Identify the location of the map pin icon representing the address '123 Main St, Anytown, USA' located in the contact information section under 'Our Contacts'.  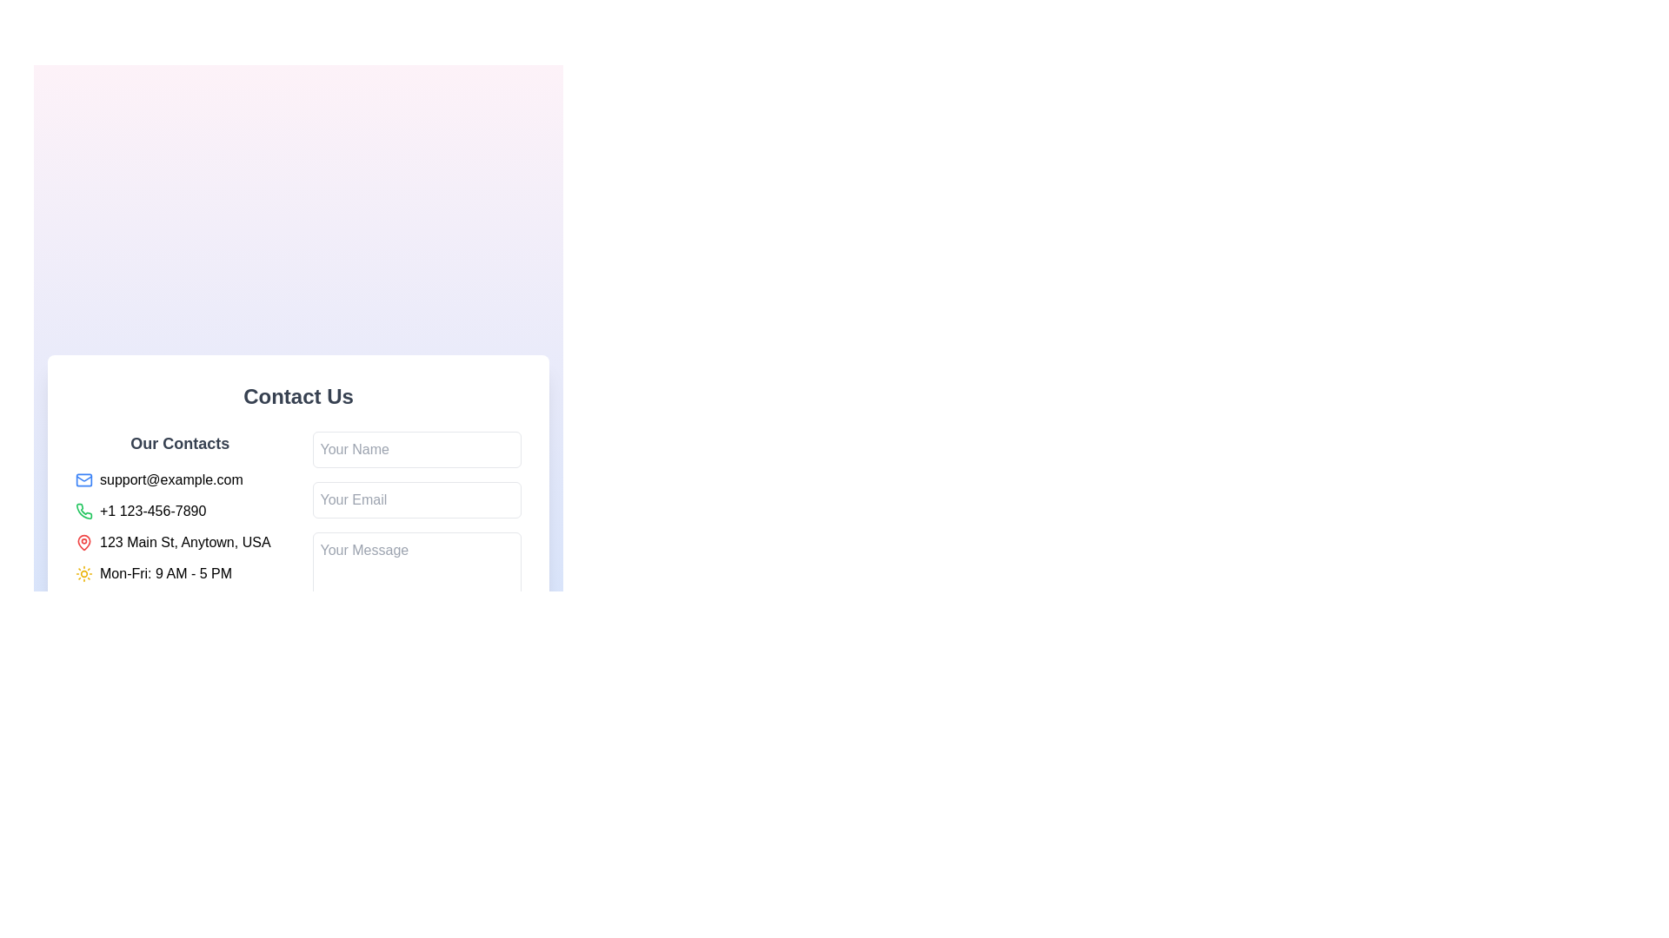
(83, 541).